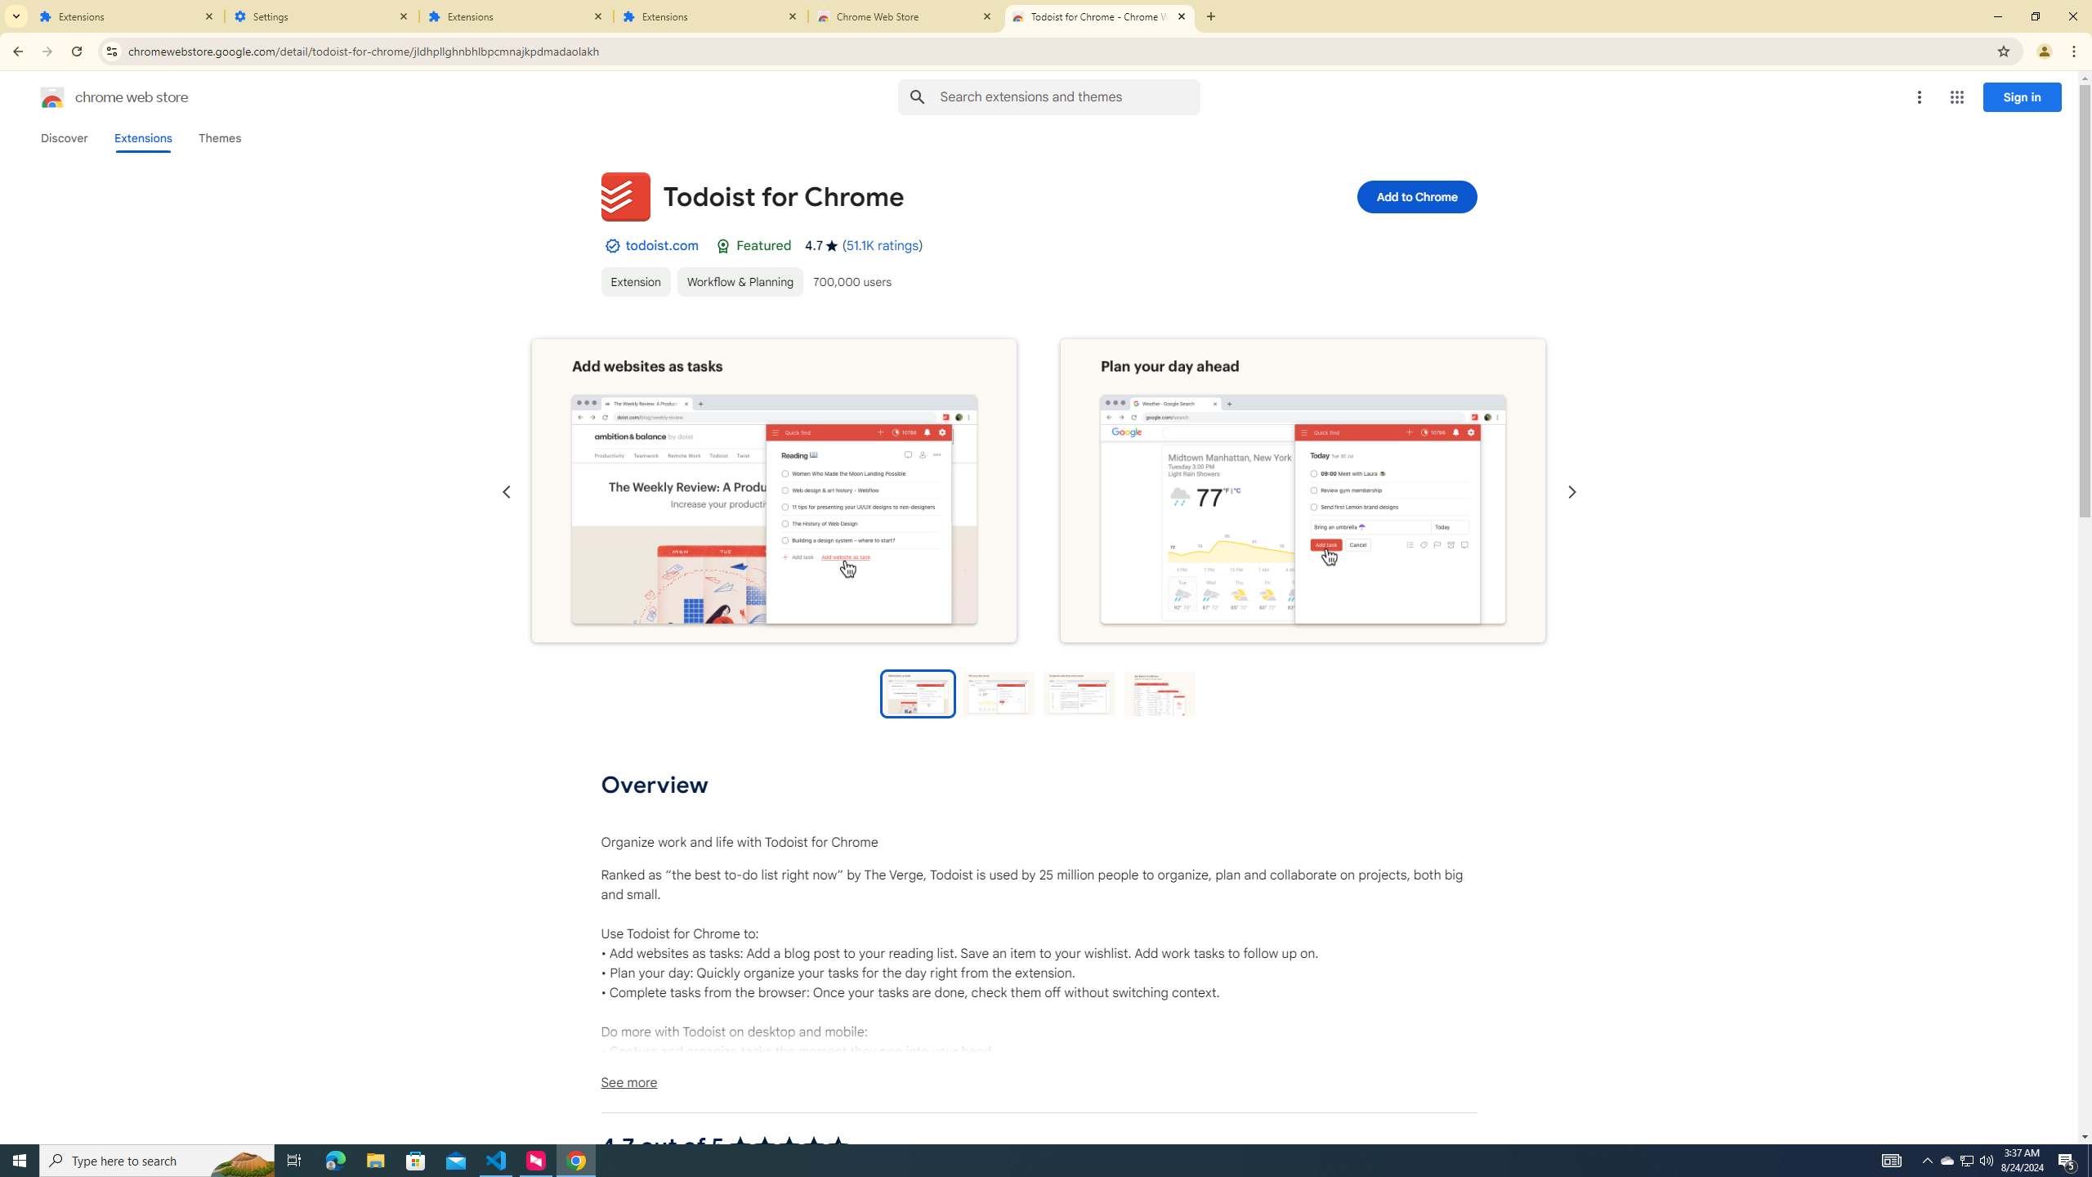 The image size is (2092, 1177). I want to click on '51.1K ratings', so click(883, 244).